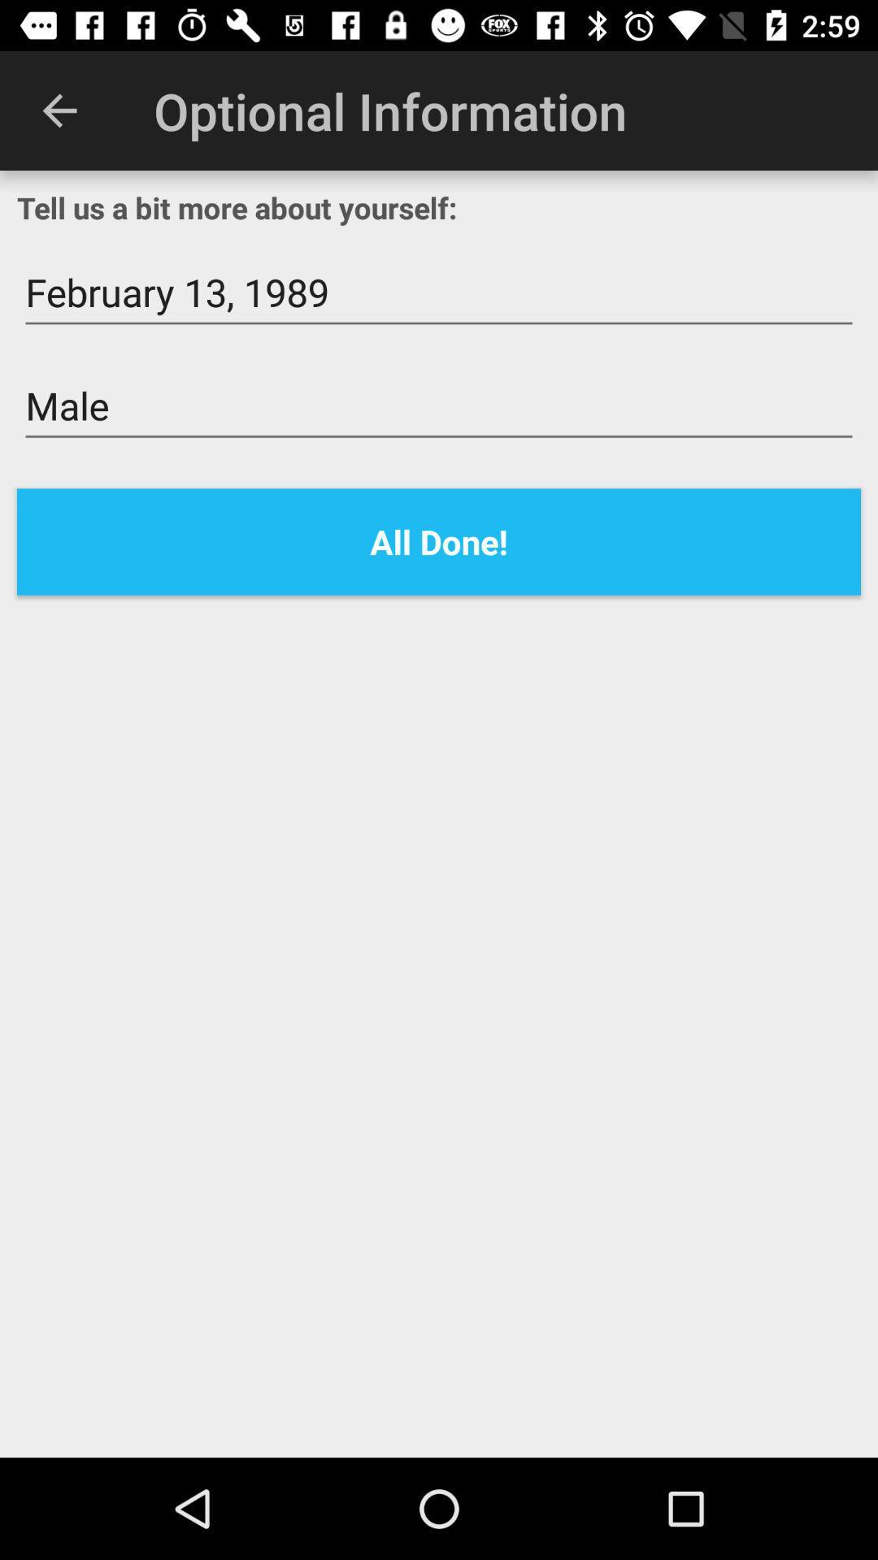 This screenshot has height=1560, width=878. What do you see at coordinates (439, 292) in the screenshot?
I see `the february 13, 1989 icon` at bounding box center [439, 292].